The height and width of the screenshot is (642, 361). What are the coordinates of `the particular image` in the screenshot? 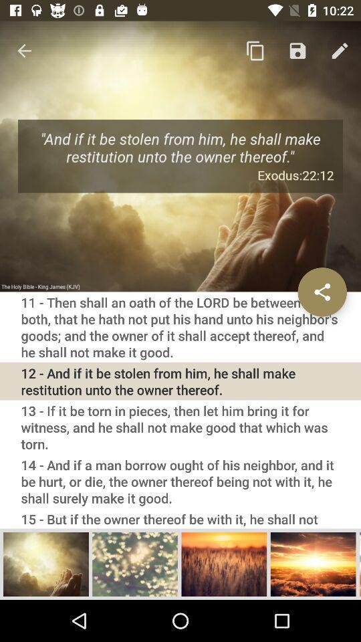 It's located at (224, 563).